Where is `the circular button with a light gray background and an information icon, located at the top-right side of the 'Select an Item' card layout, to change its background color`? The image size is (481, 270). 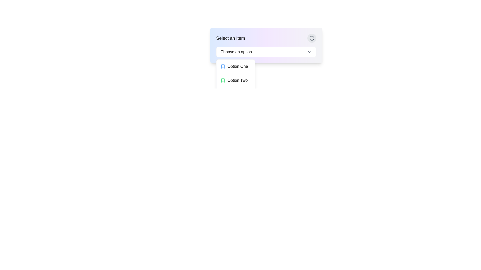
the circular button with a light gray background and an information icon, located at the top-right side of the 'Select an Item' card layout, to change its background color is located at coordinates (311, 38).